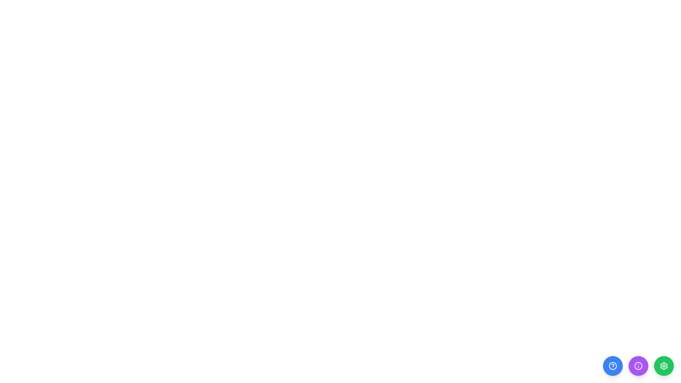 The image size is (681, 383). Describe the element at coordinates (638, 366) in the screenshot. I see `the purple circular button that contains the circular icon located at the bottom-right corner of the interface` at that location.